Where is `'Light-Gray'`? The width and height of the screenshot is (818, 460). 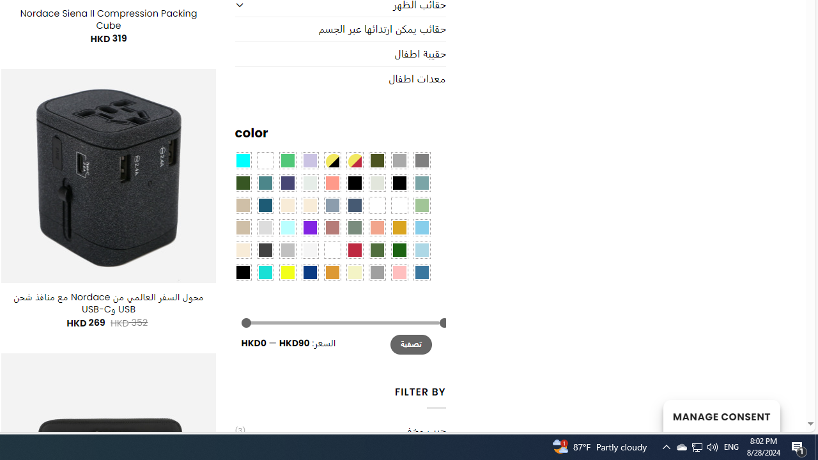 'Light-Gray' is located at coordinates (264, 226).